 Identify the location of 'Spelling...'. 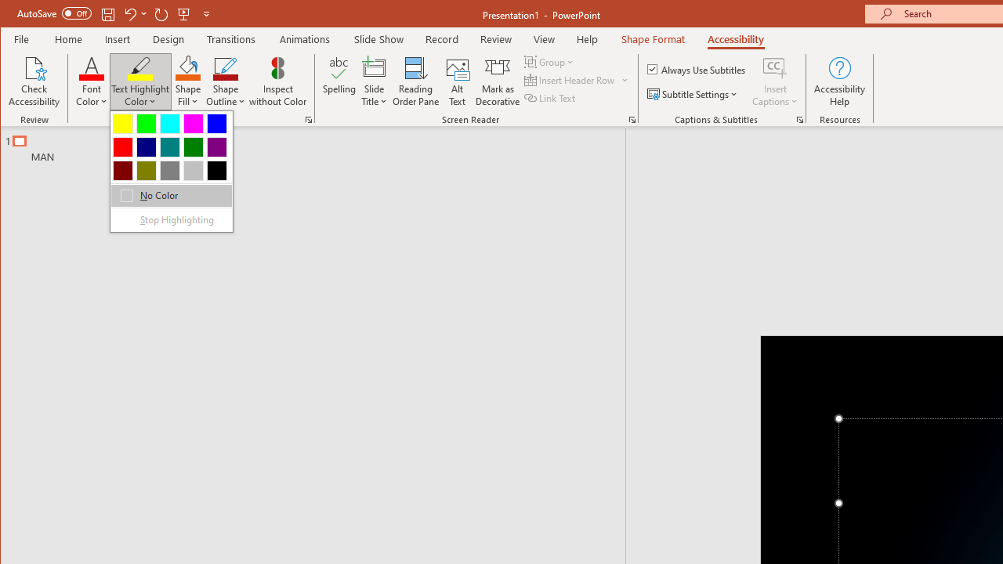
(339, 81).